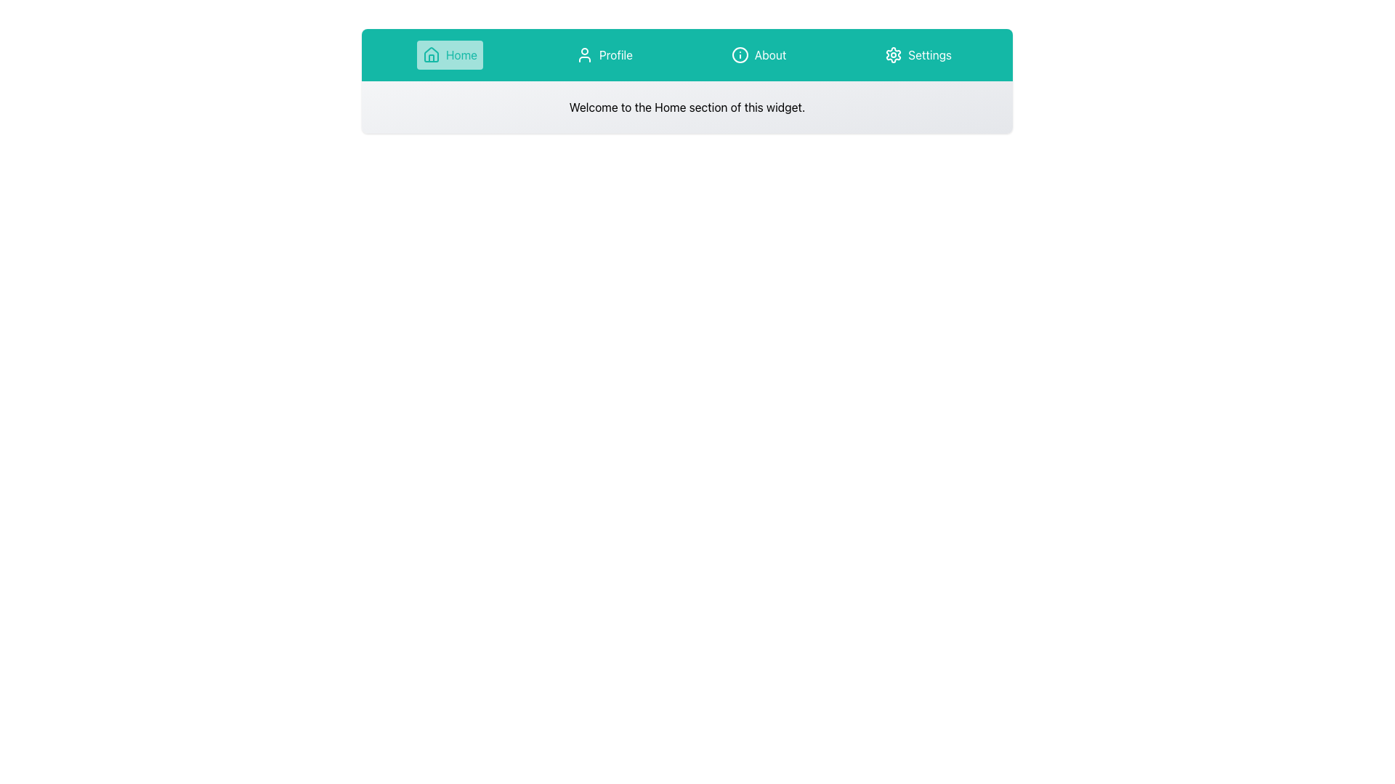  What do you see at coordinates (430, 57) in the screenshot?
I see `the vertical segment of the house icon located on the top navigation bar, which represents a door or window` at bounding box center [430, 57].